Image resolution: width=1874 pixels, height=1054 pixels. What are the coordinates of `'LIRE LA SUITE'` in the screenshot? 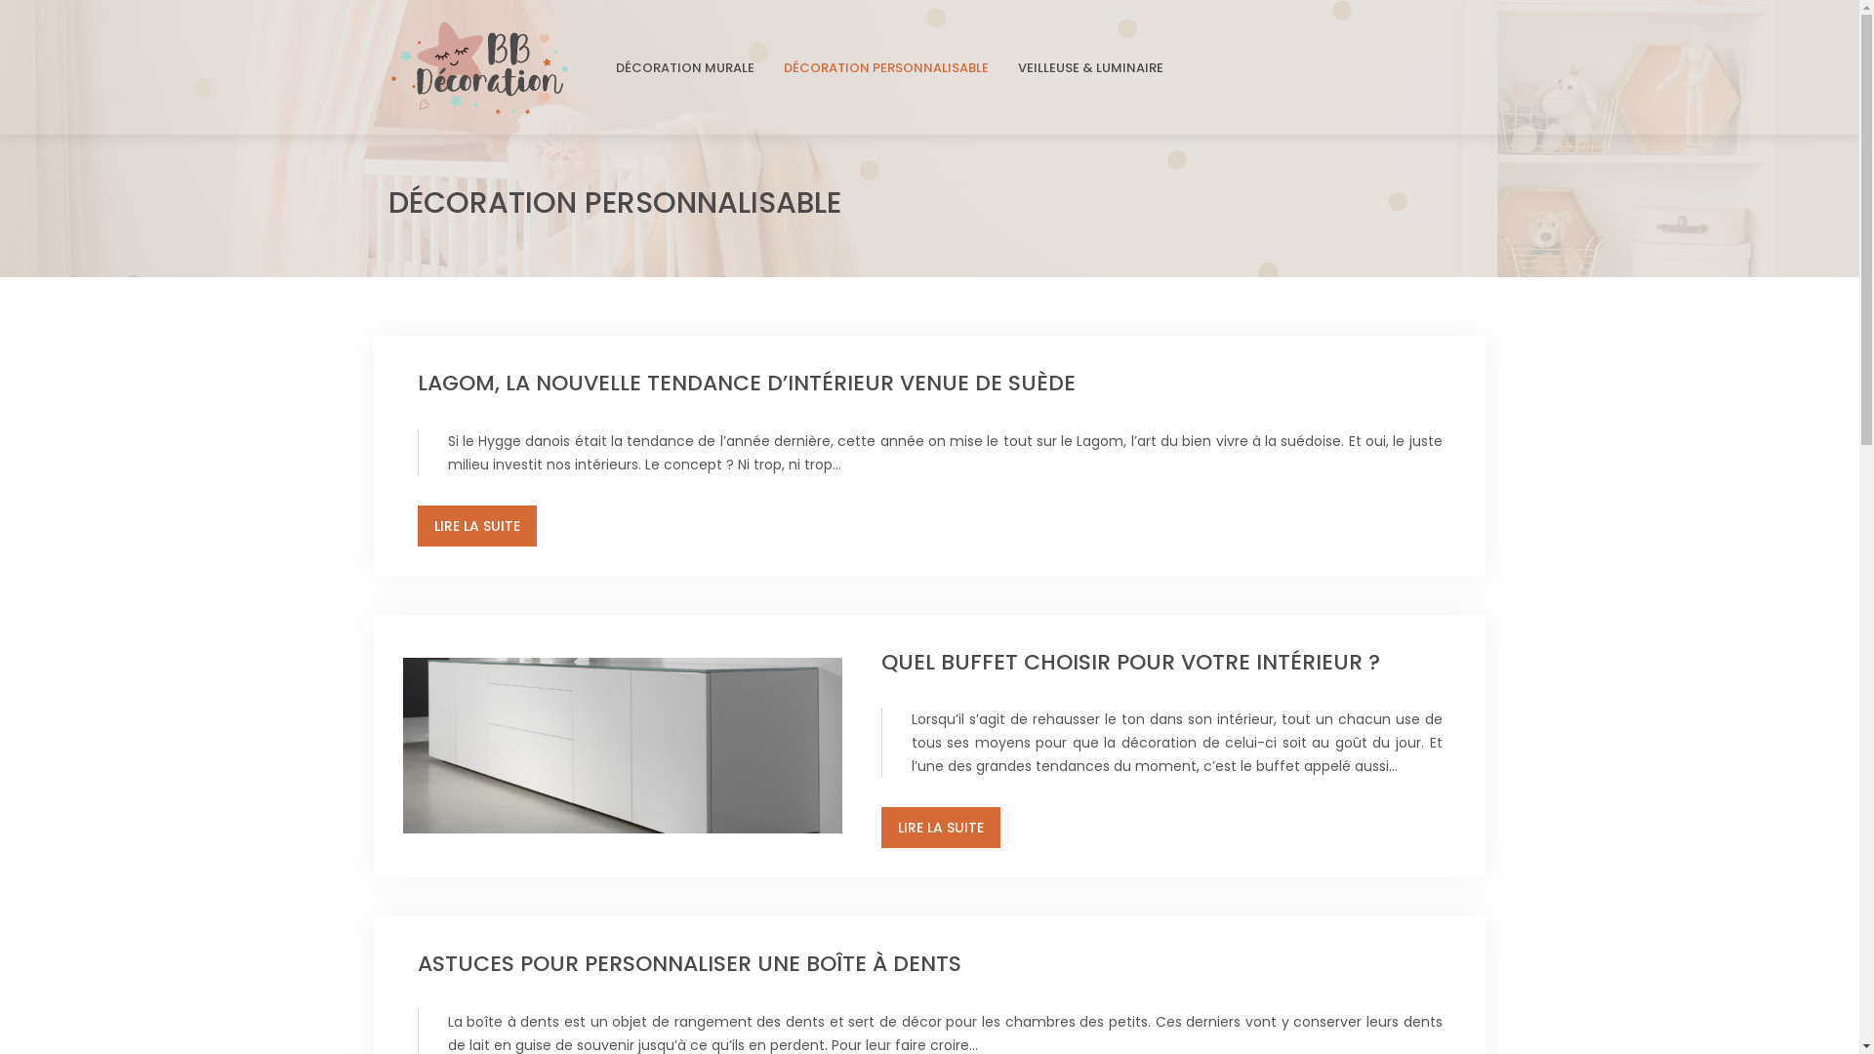 It's located at (940, 828).